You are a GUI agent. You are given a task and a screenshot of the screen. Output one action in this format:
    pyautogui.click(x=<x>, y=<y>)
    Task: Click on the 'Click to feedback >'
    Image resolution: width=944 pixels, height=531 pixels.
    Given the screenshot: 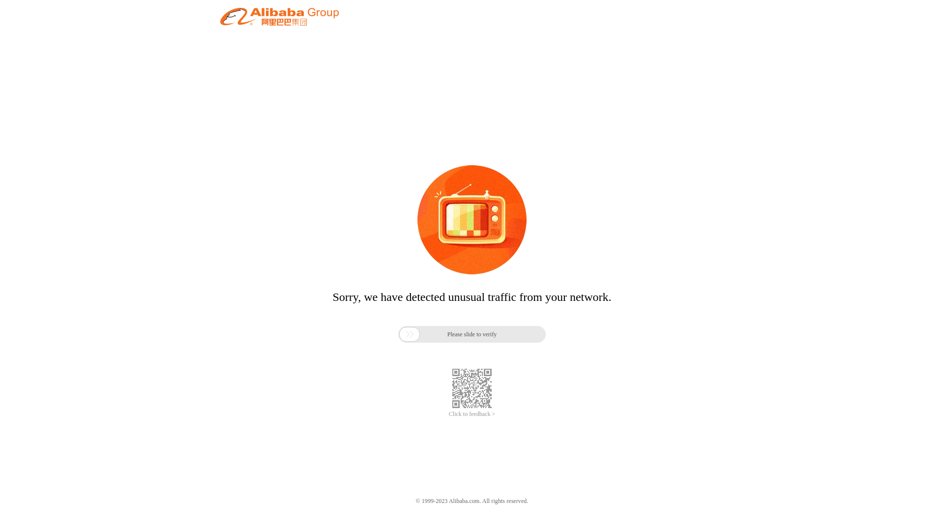 What is the action you would take?
    pyautogui.click(x=448, y=414)
    